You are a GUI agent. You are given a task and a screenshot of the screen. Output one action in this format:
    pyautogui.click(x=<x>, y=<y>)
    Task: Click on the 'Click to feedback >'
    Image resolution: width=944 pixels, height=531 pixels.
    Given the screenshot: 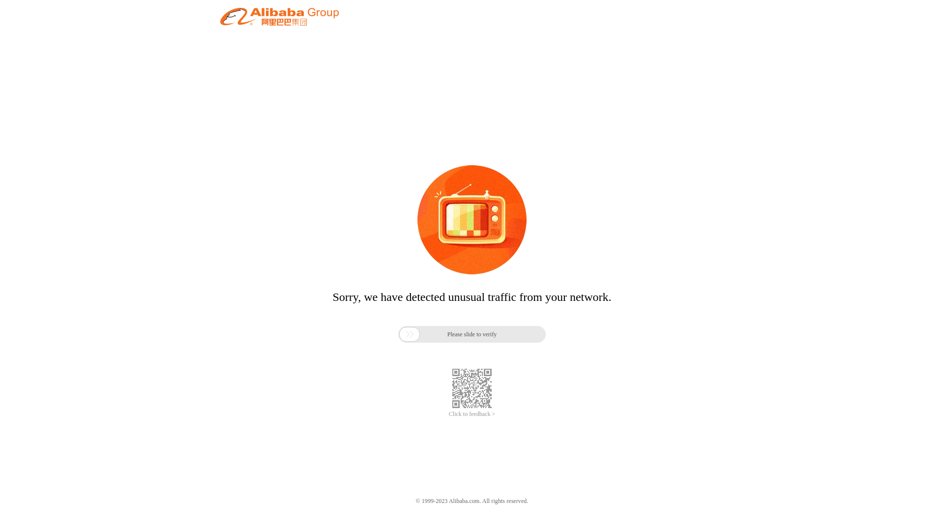 What is the action you would take?
    pyautogui.click(x=448, y=414)
    